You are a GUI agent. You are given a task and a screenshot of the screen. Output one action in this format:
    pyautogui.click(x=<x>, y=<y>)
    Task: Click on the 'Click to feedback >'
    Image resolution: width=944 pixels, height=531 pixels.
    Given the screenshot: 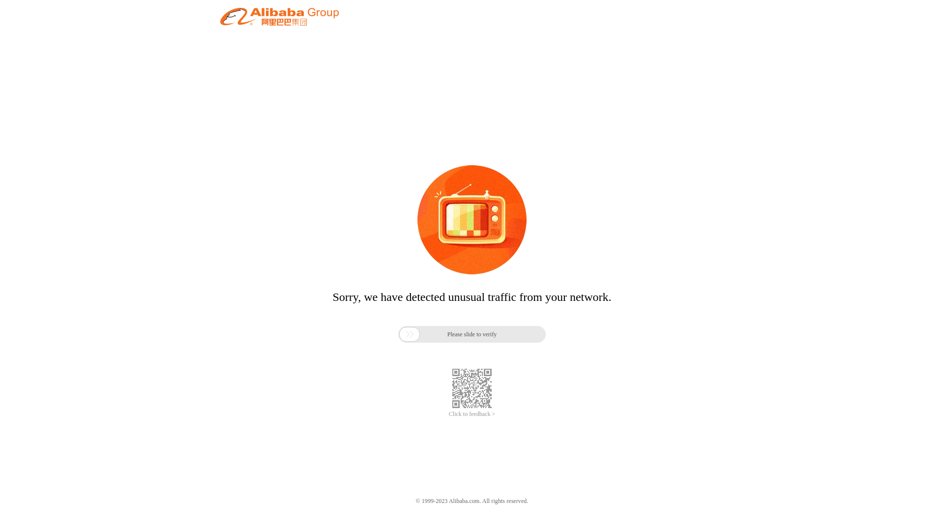 What is the action you would take?
    pyautogui.click(x=448, y=414)
    